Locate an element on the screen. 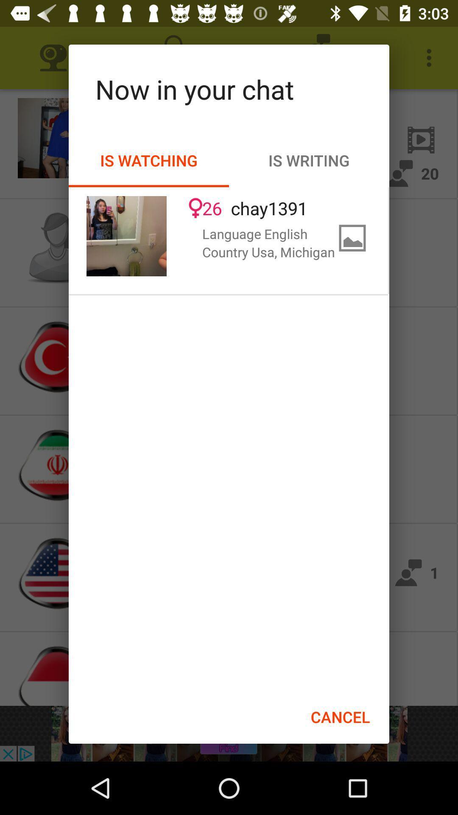 The height and width of the screenshot is (815, 458). the item to the left of 26 item is located at coordinates (126, 236).